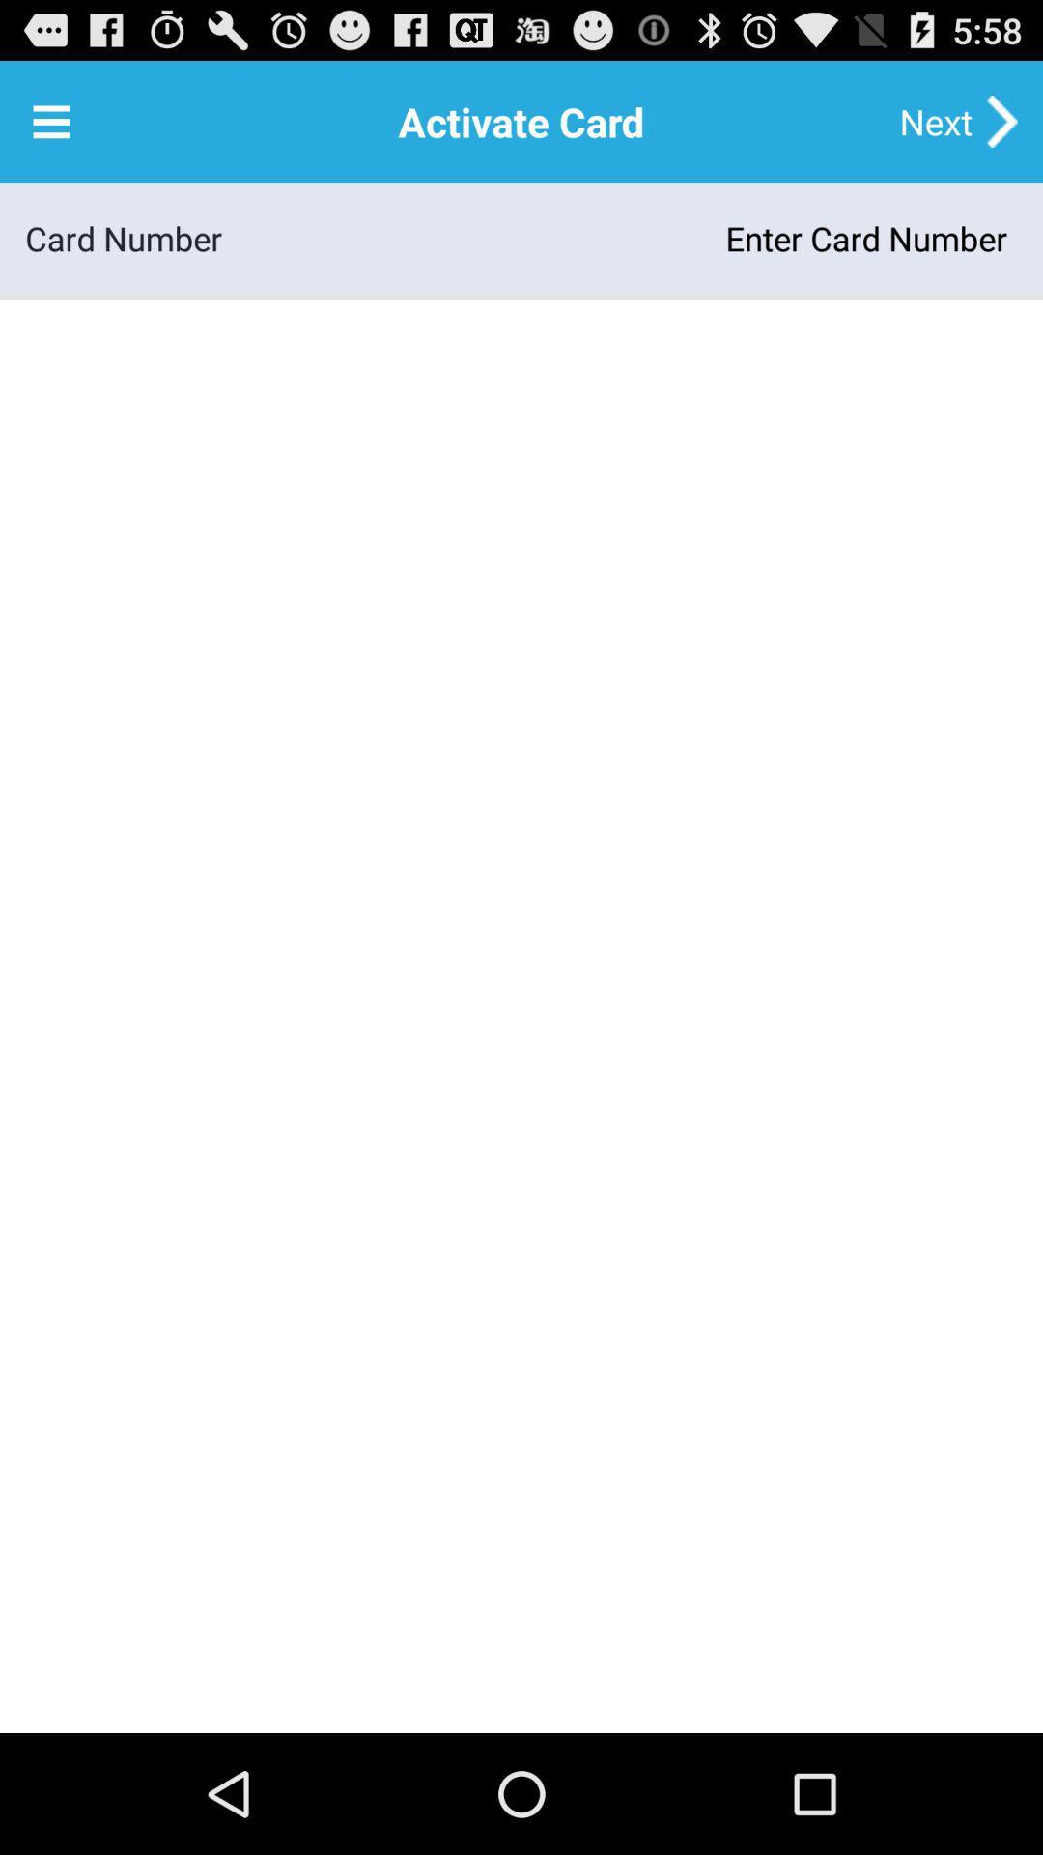  Describe the element at coordinates (935, 120) in the screenshot. I see `button at the top right corner` at that location.